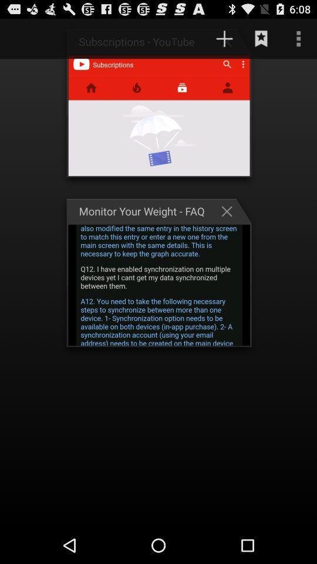 The width and height of the screenshot is (317, 564). Describe the element at coordinates (298, 41) in the screenshot. I see `the more icon` at that location.